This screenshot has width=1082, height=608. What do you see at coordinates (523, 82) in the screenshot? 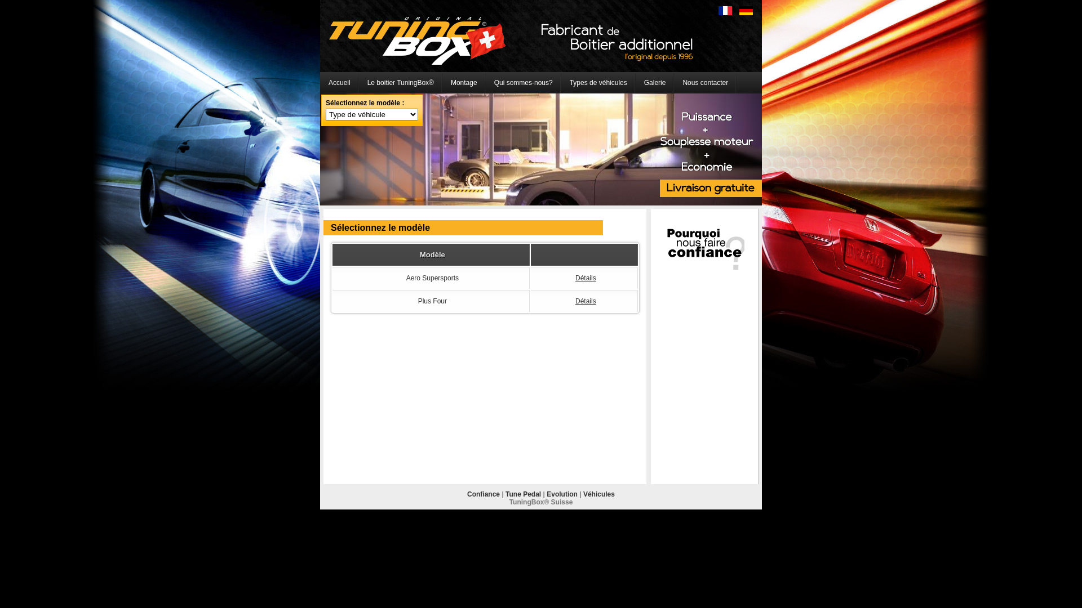
I see `'Qui sommes-nous?'` at bounding box center [523, 82].